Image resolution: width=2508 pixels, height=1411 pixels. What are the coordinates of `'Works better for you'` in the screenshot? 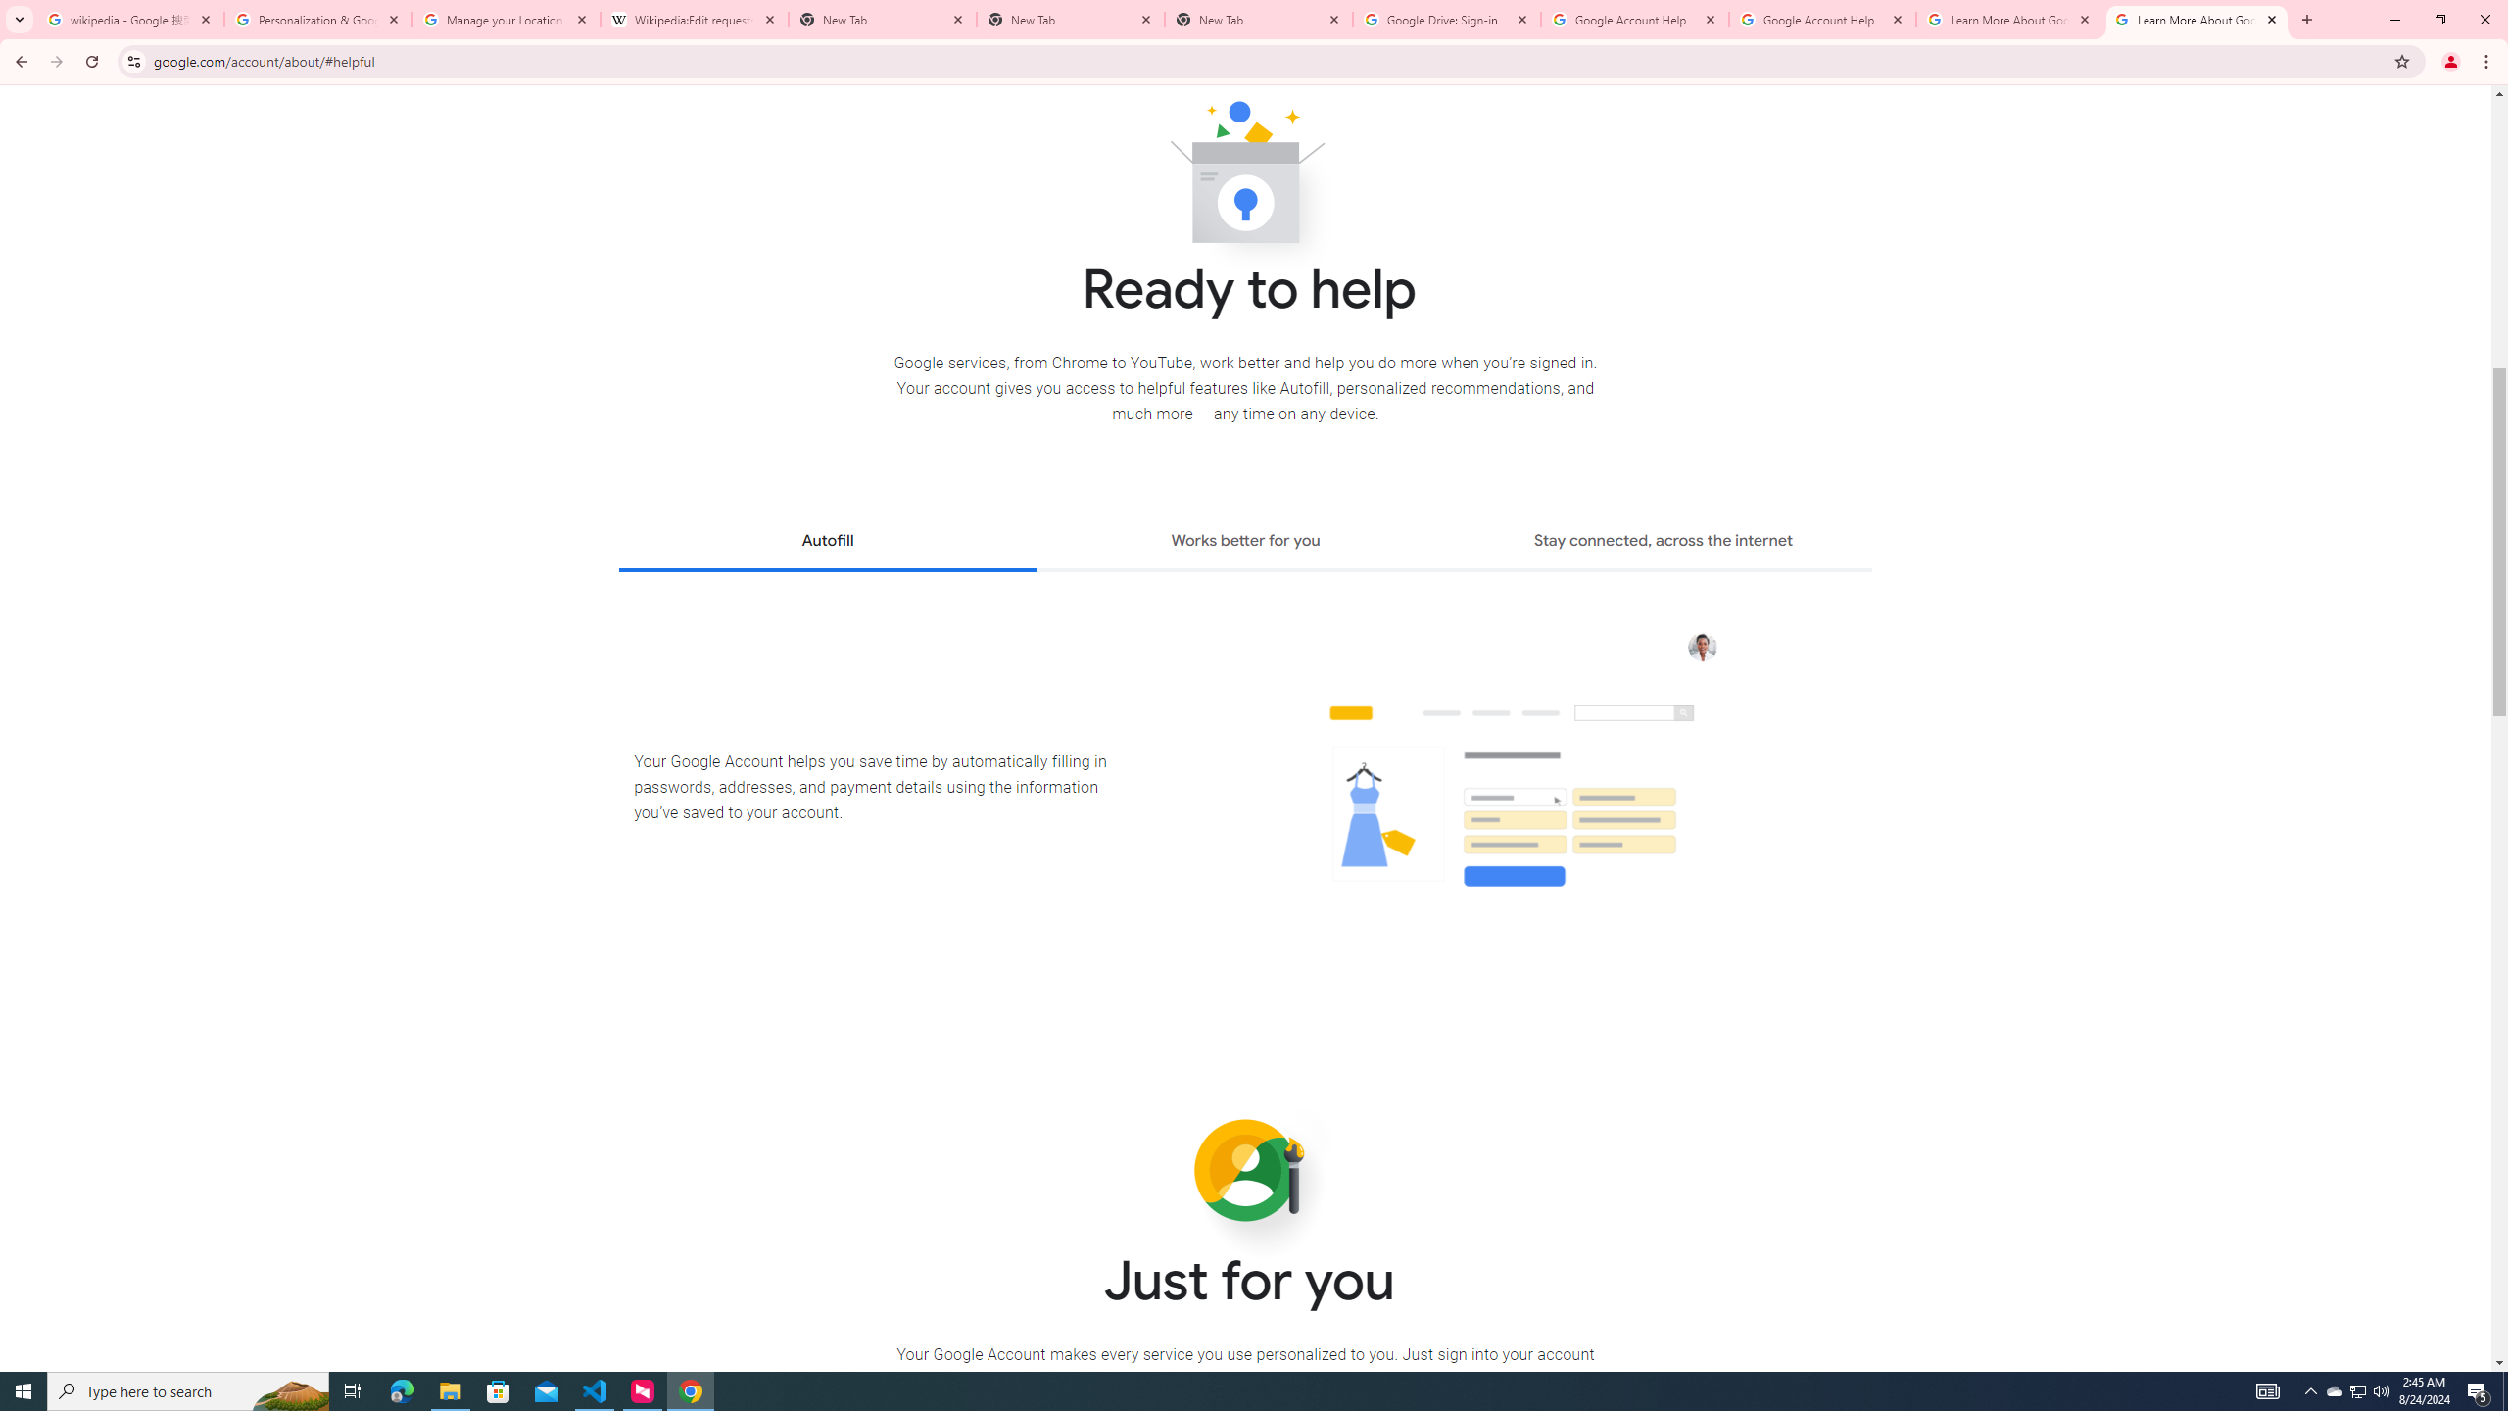 It's located at (1245, 543).